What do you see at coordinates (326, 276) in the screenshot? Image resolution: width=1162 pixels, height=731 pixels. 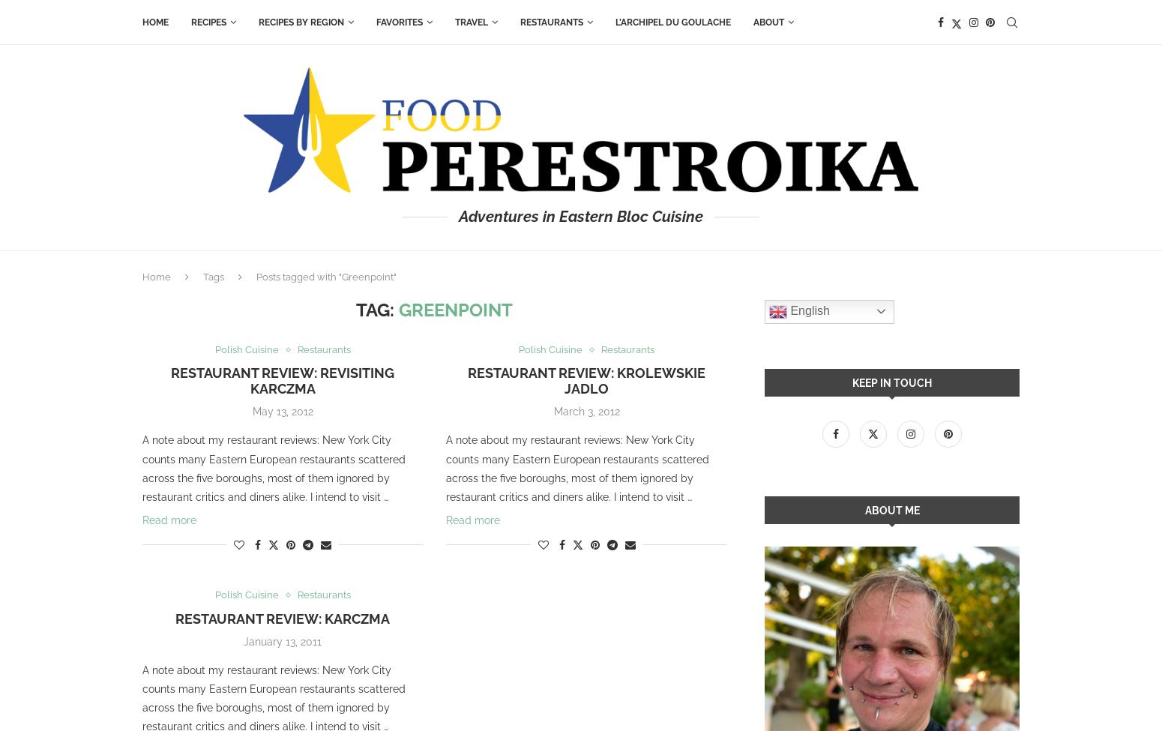 I see `'Posts tagged with "Greenpoint"'` at bounding box center [326, 276].